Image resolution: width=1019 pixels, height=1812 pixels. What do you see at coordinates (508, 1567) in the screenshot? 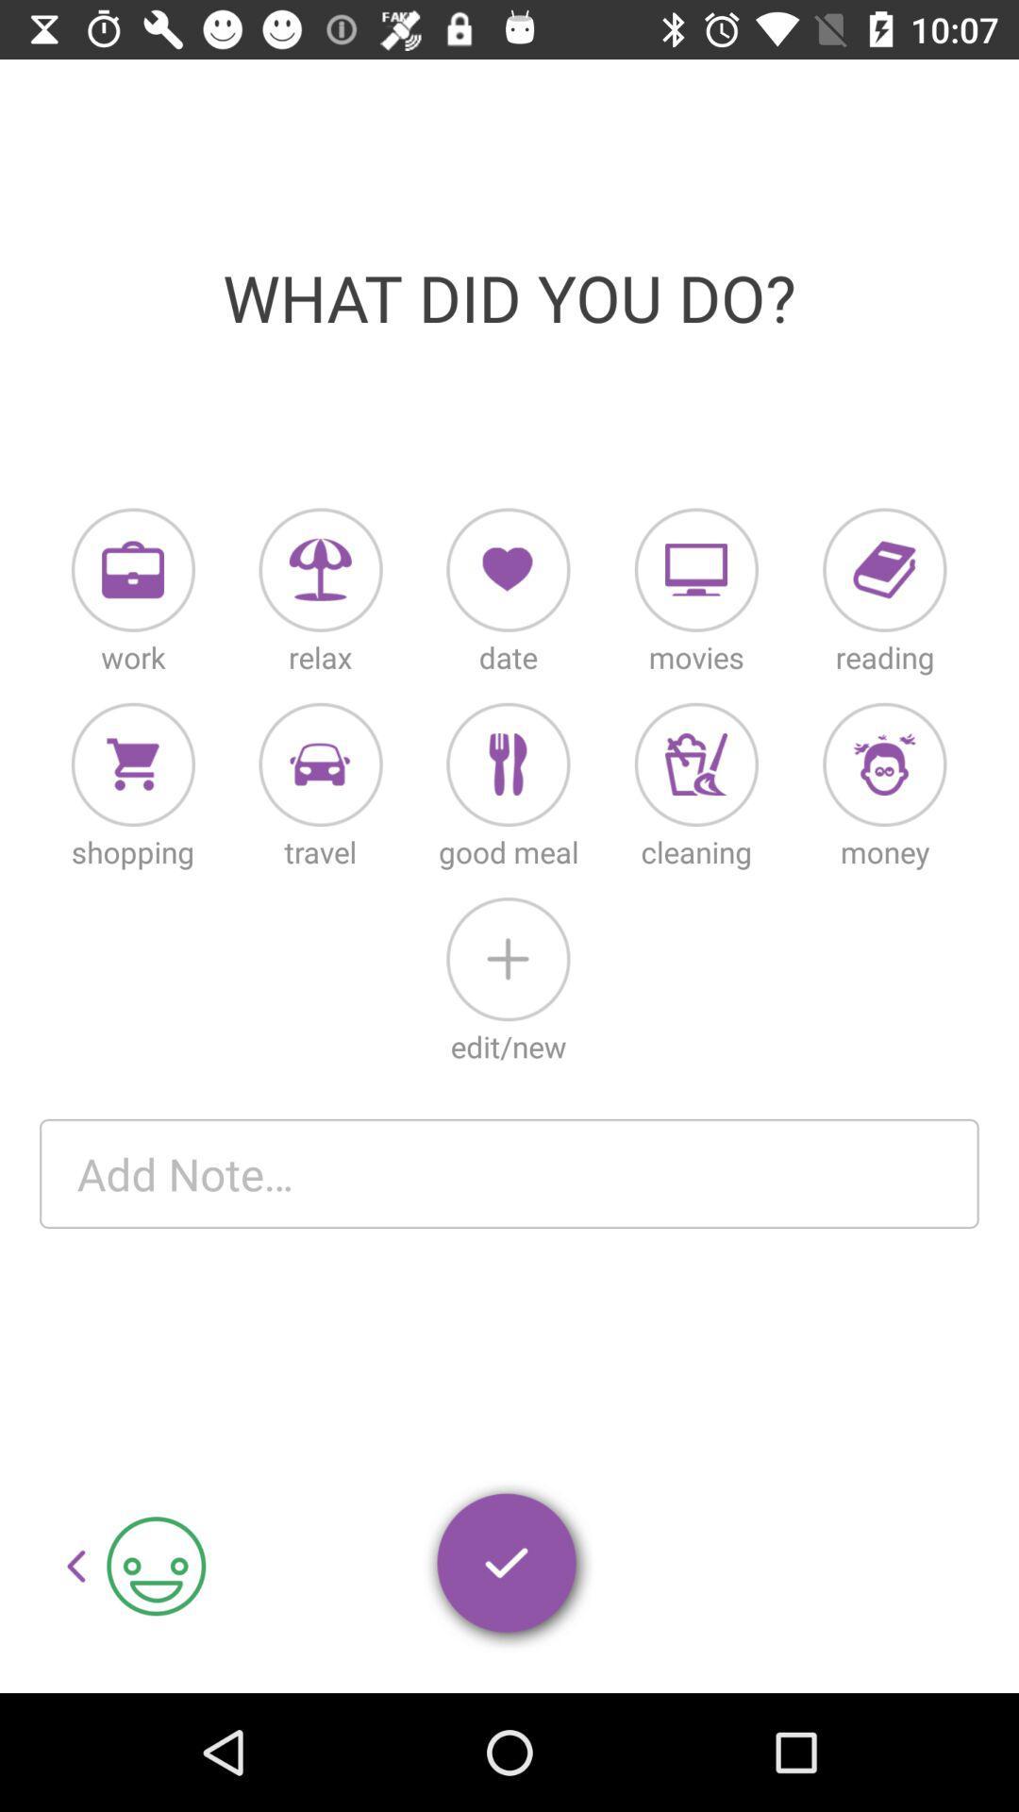
I see `done` at bounding box center [508, 1567].